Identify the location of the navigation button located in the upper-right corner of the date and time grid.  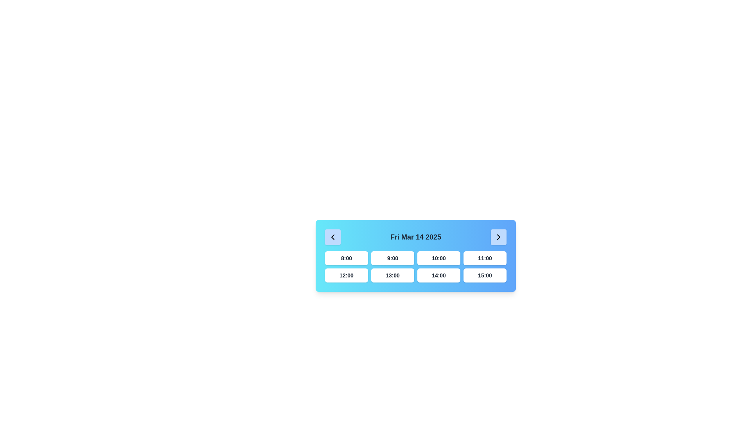
(498, 236).